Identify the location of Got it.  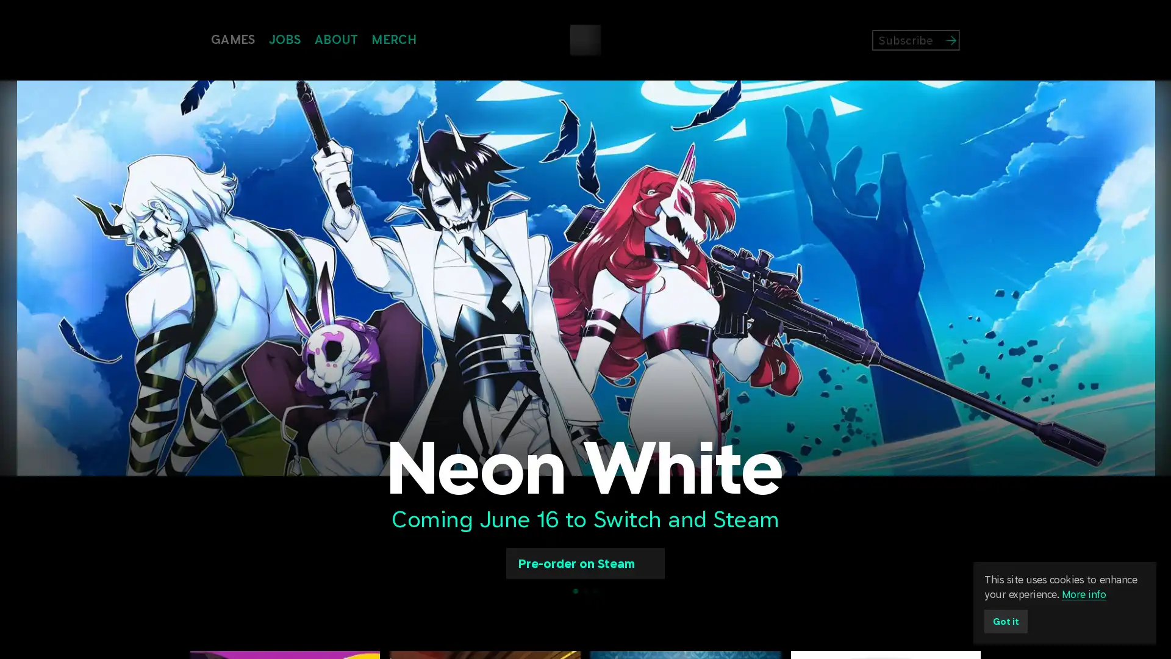
(1008, 619).